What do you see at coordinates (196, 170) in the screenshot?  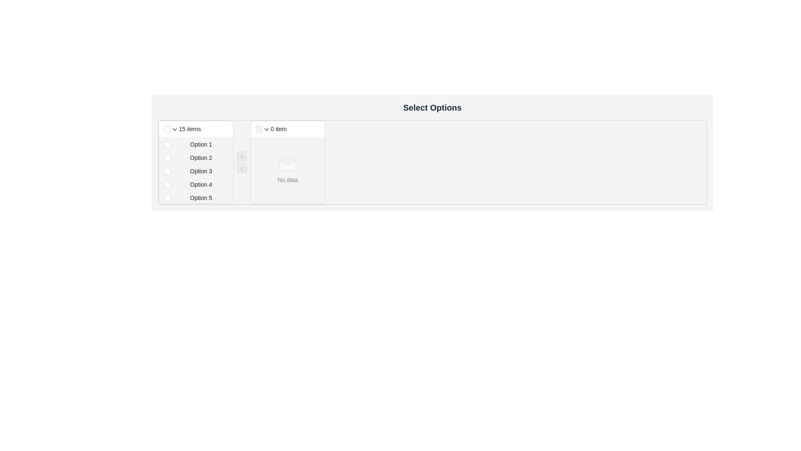 I see `the checkbox of the selectable list item labeled 'Option 3'` at bounding box center [196, 170].